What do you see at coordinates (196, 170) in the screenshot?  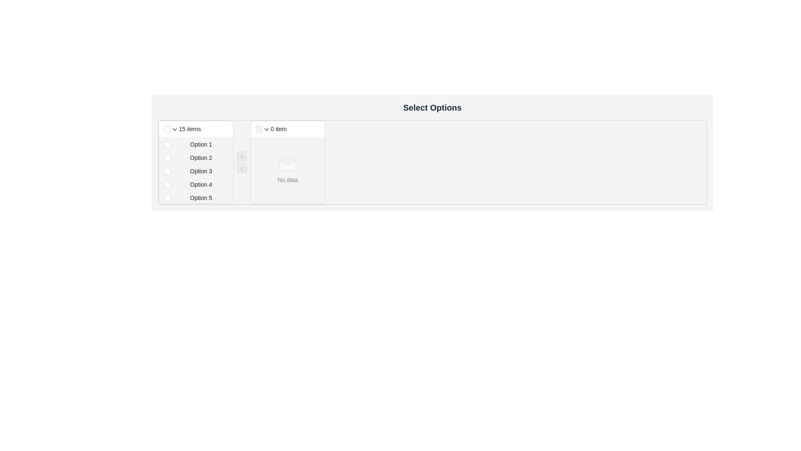 I see `the checkbox of the selectable list item labeled 'Option 3'` at bounding box center [196, 170].